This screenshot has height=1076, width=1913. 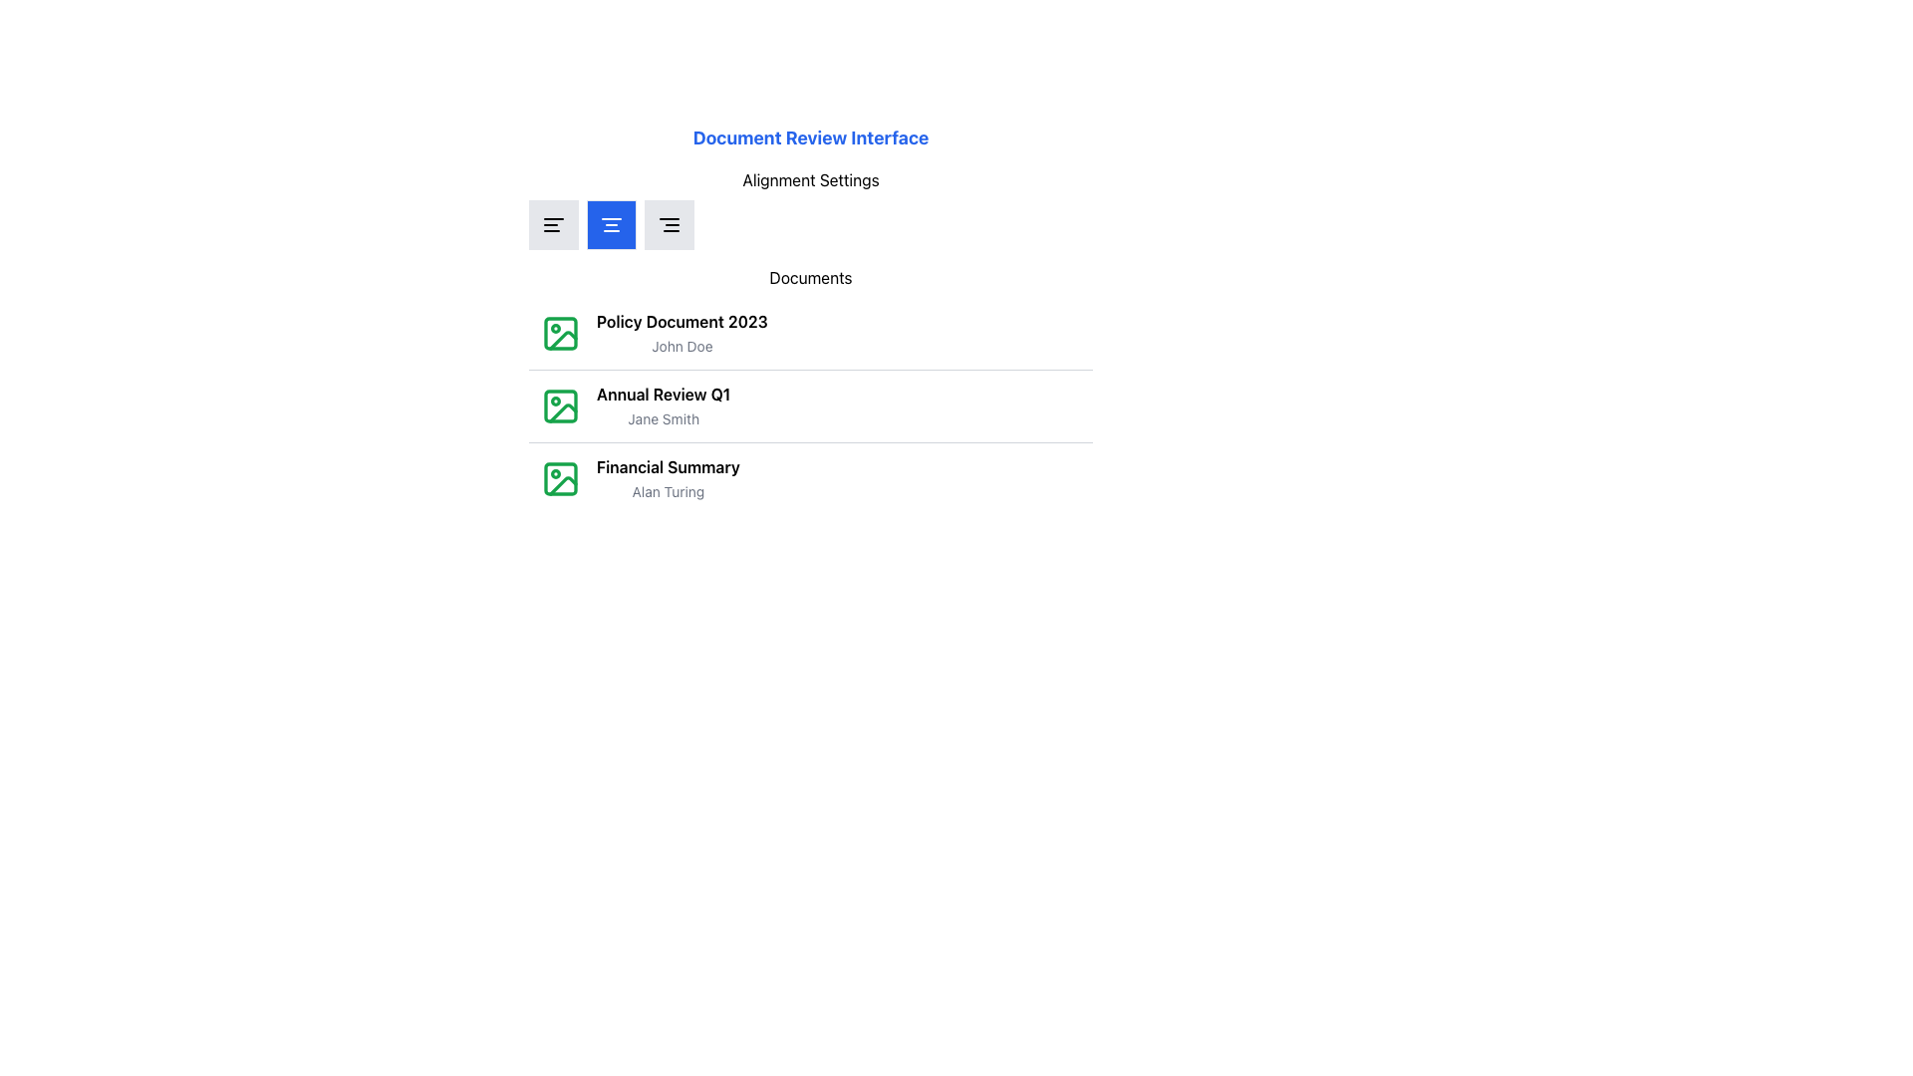 I want to click on the middle alignment button located below the 'Alignment Settings' text, so click(x=611, y=224).